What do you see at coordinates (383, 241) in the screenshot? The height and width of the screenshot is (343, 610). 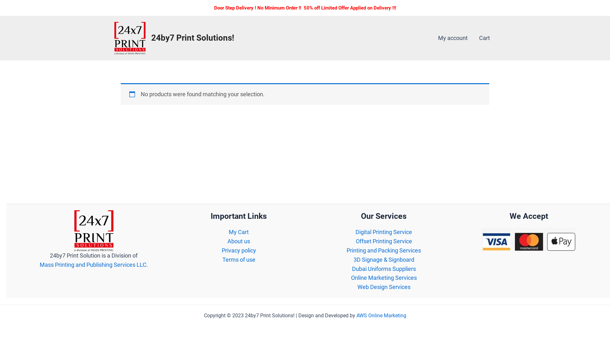 I see `'Offset Printing Service'` at bounding box center [383, 241].